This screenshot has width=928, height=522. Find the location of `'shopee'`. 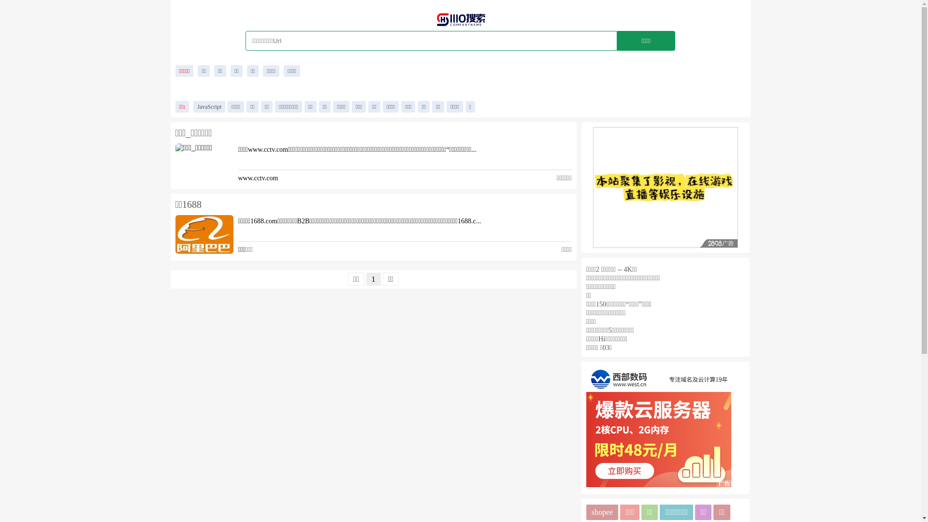

'shopee' is located at coordinates (601, 512).